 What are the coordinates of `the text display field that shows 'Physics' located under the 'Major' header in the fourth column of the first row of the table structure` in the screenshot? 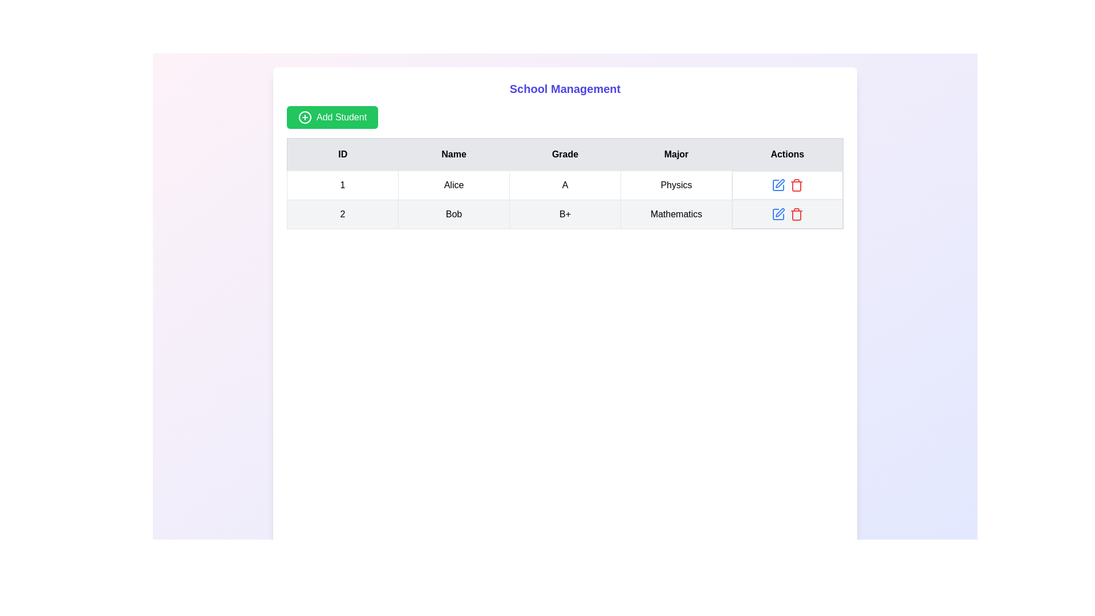 It's located at (676, 184).